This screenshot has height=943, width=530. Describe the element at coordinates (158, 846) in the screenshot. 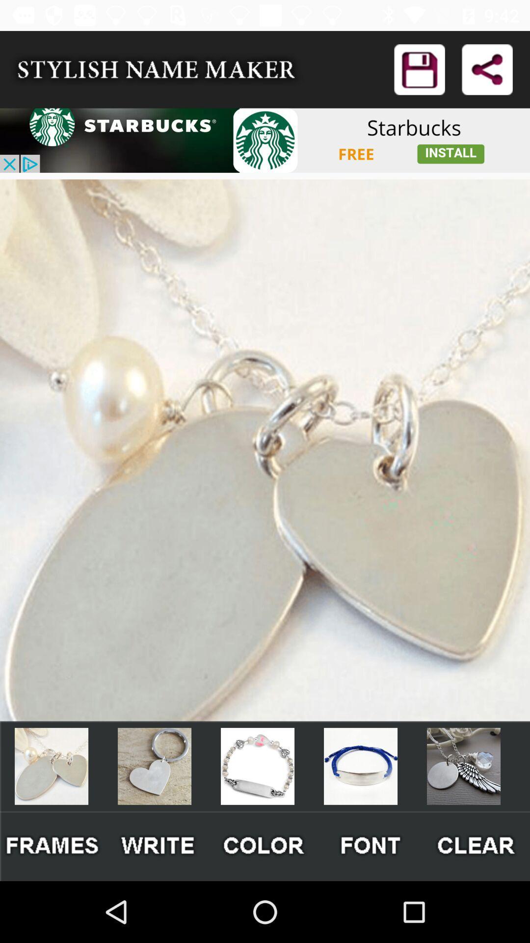

I see `write message` at that location.